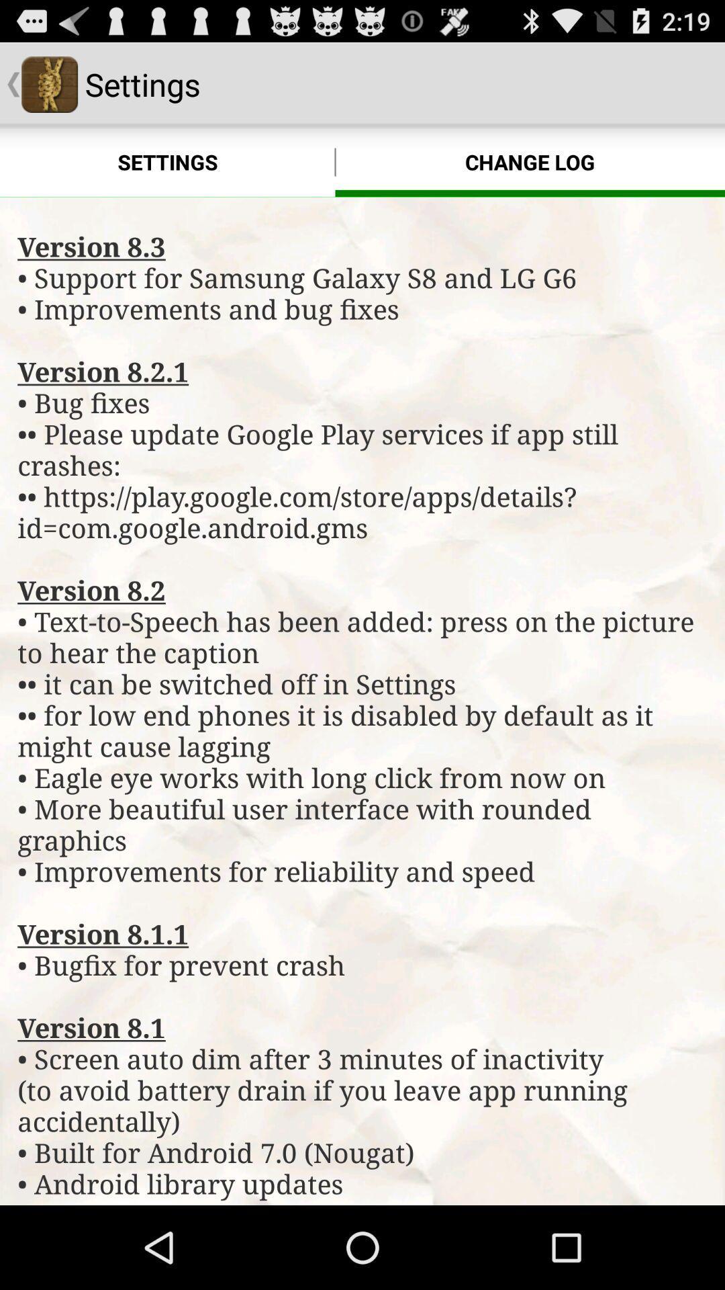  I want to click on change log at the top right corner, so click(529, 161).